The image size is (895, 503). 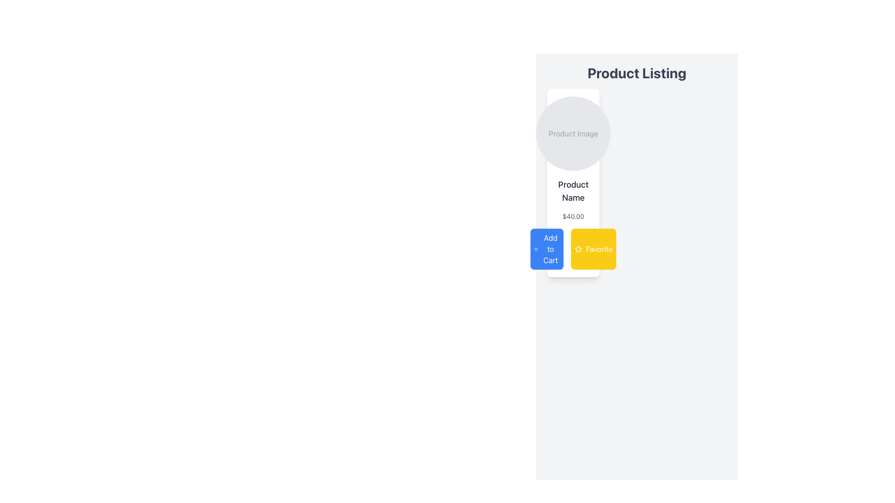 What do you see at coordinates (573, 217) in the screenshot?
I see `the Text Label displaying the product price, located at the center of the product card beneath the 'Product Name' and above the 'Add to Cart' and 'Favorite' buttons` at bounding box center [573, 217].